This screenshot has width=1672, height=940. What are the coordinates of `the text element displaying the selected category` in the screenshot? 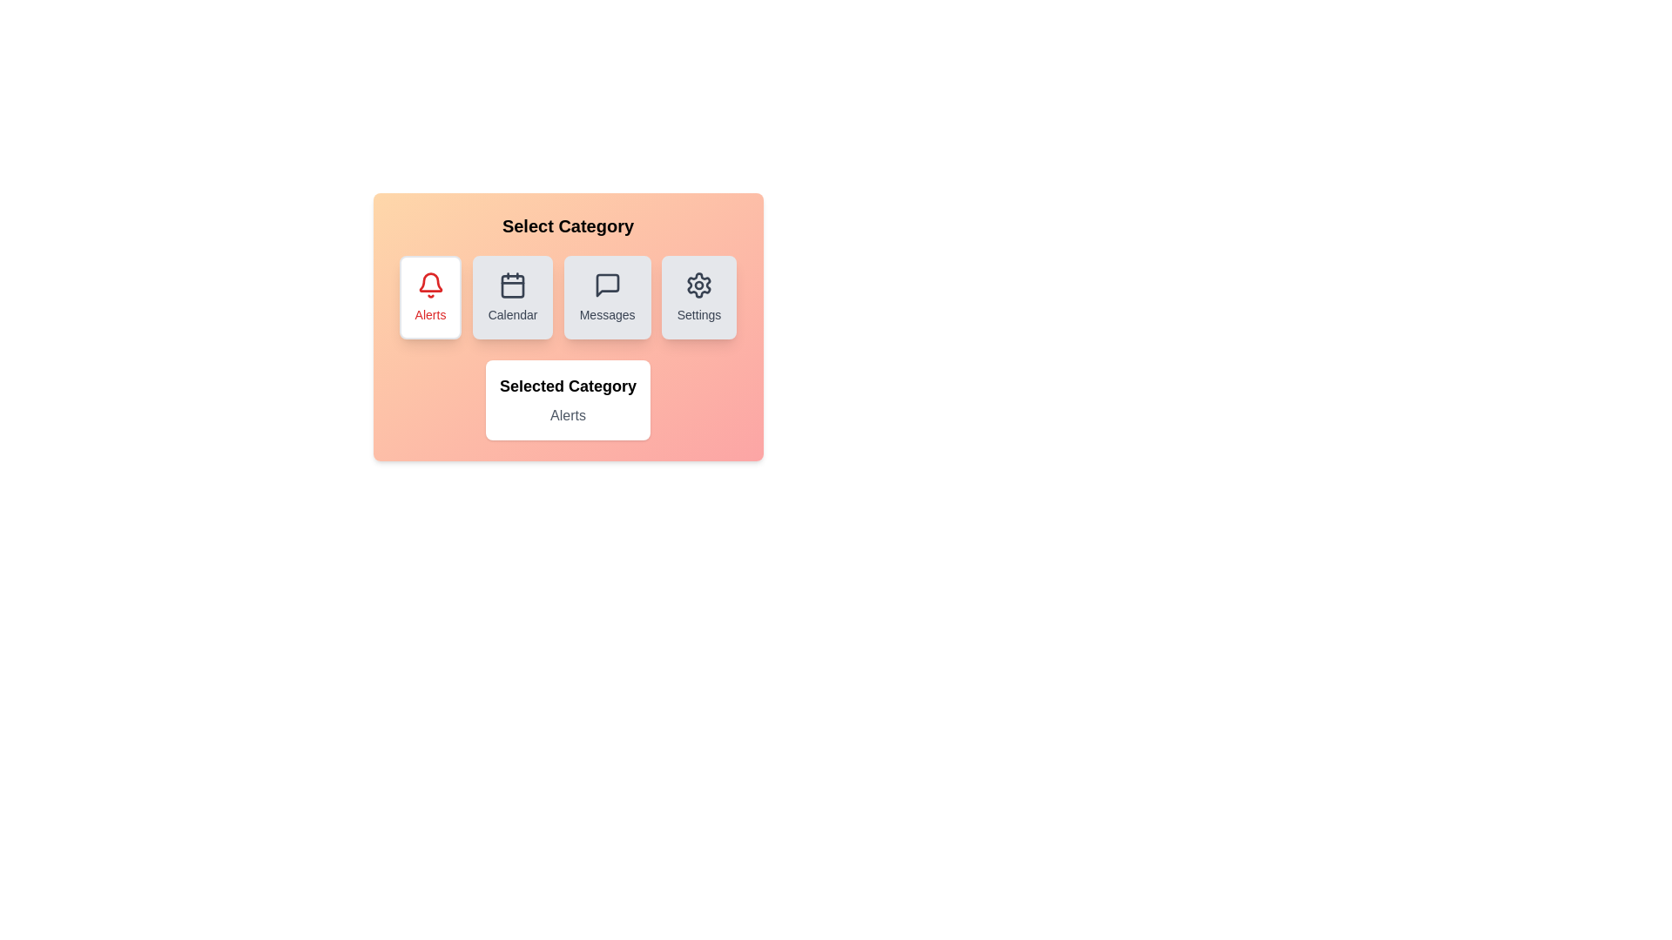 It's located at (568, 416).